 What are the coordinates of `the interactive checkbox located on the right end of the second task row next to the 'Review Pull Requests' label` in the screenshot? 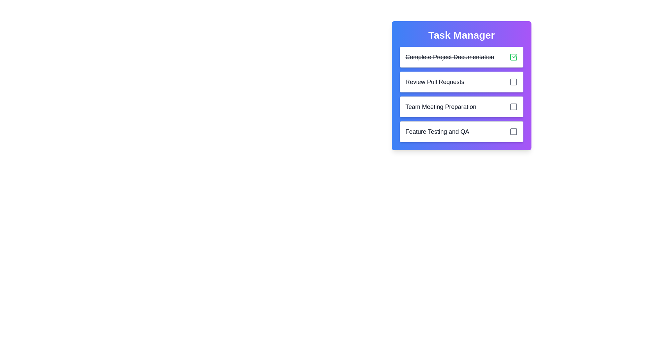 It's located at (513, 81).